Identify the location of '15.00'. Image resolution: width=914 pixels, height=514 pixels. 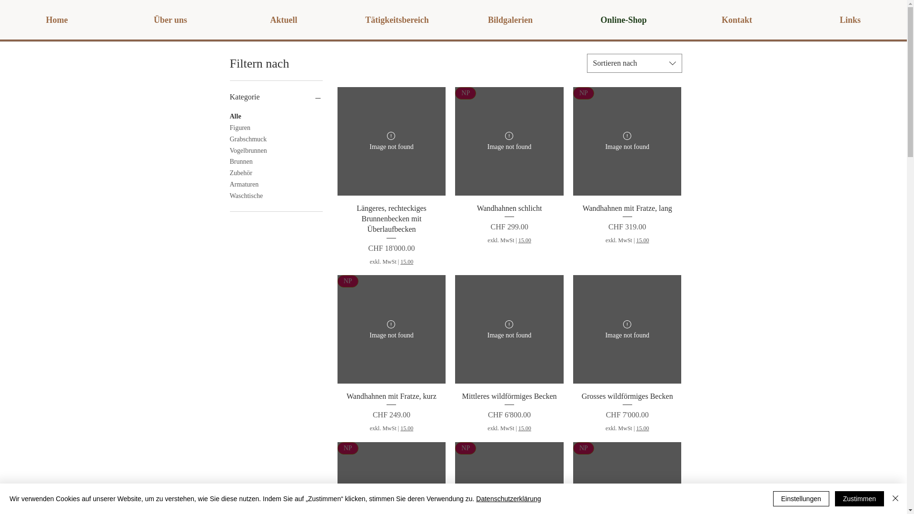
(642, 428).